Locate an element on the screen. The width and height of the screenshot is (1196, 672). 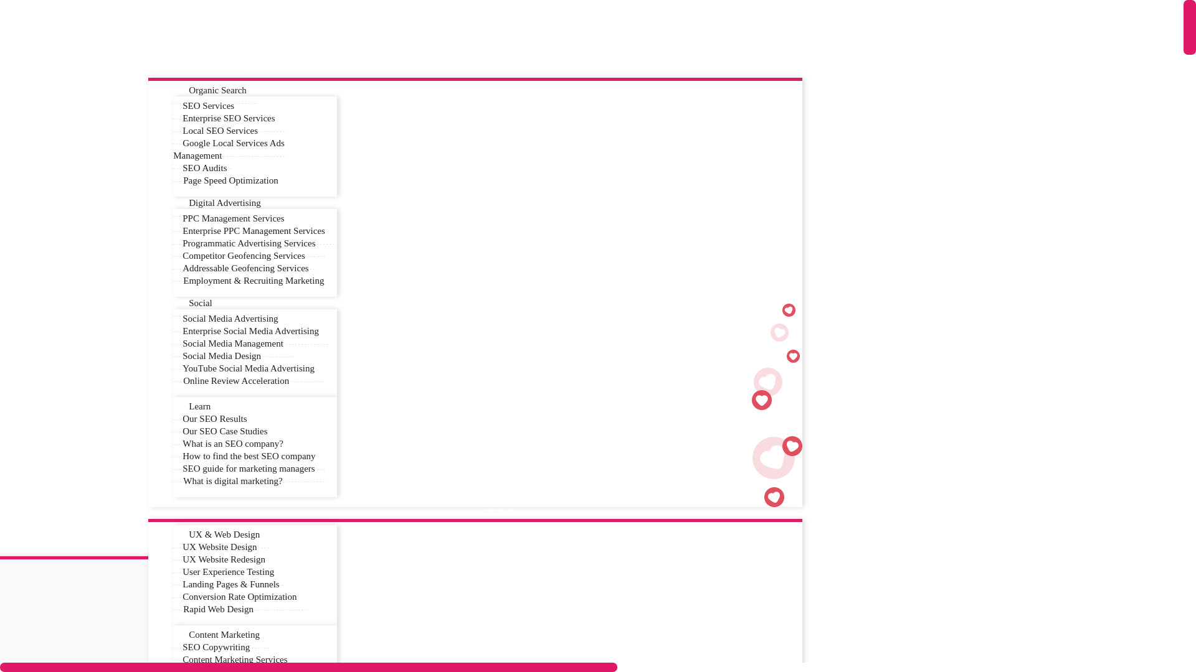
'YouTube Social Media Advertising' is located at coordinates (248, 368).